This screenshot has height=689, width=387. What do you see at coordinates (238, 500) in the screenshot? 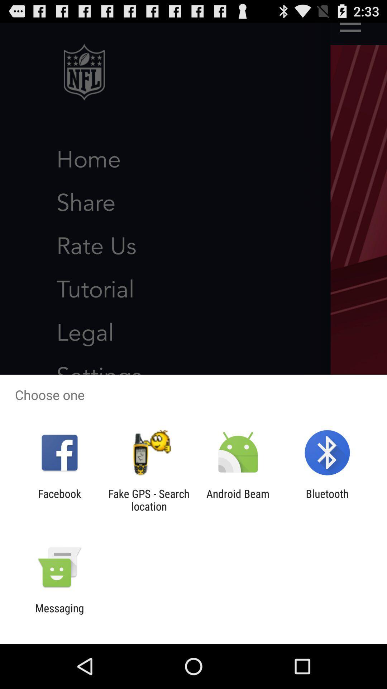
I see `the android beam` at bounding box center [238, 500].